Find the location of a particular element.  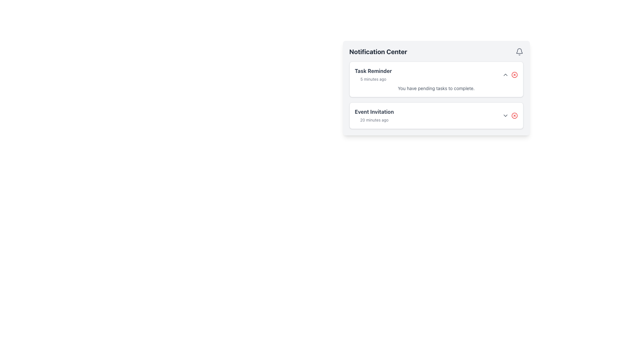

the close or delete icon located in the upper-right corner of the bottom notification card is located at coordinates (514, 115).